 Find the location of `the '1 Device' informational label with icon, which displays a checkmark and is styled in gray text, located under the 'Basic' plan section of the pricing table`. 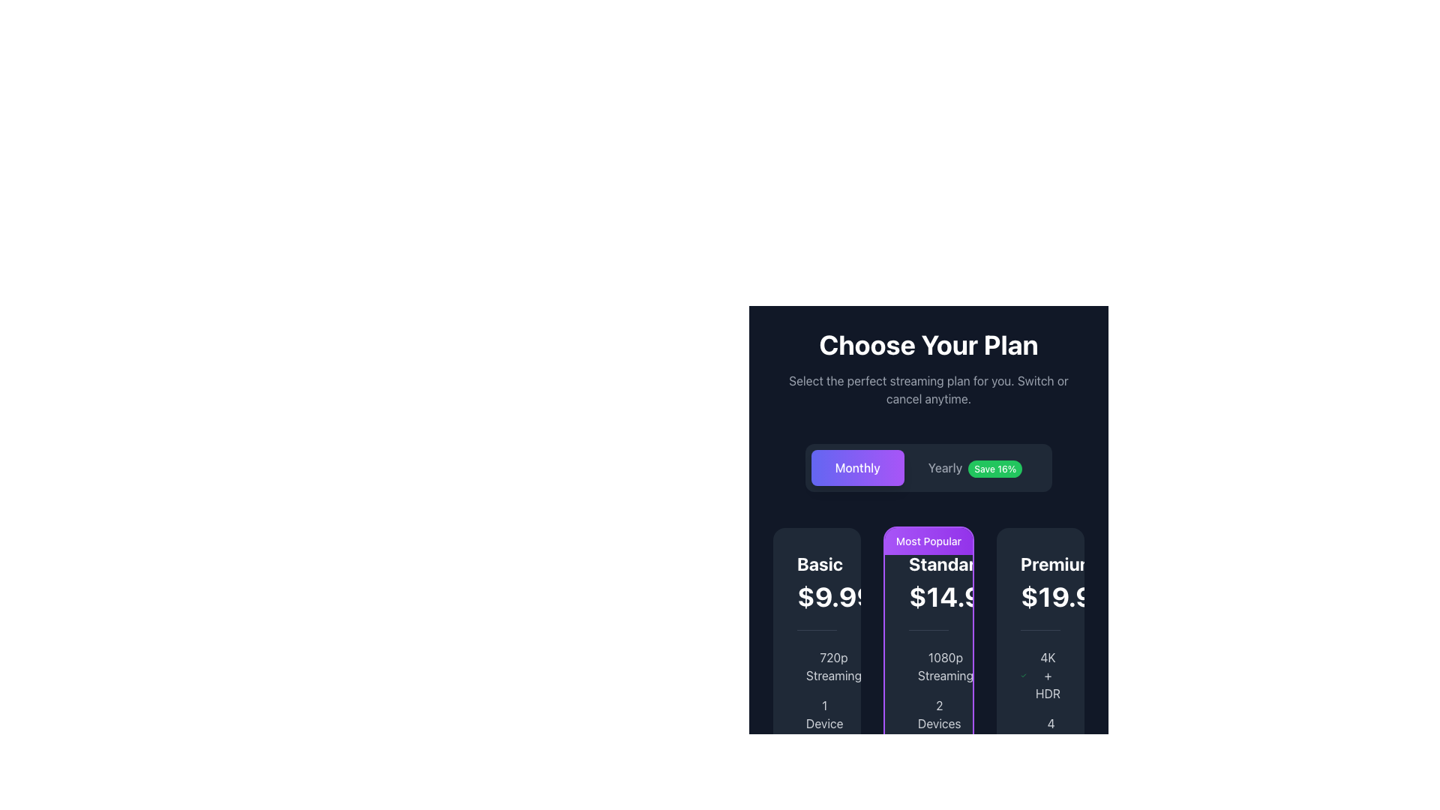

the '1 Device' informational label with icon, which displays a checkmark and is styled in gray text, located under the 'Basic' plan section of the pricing table is located at coordinates (816, 713).